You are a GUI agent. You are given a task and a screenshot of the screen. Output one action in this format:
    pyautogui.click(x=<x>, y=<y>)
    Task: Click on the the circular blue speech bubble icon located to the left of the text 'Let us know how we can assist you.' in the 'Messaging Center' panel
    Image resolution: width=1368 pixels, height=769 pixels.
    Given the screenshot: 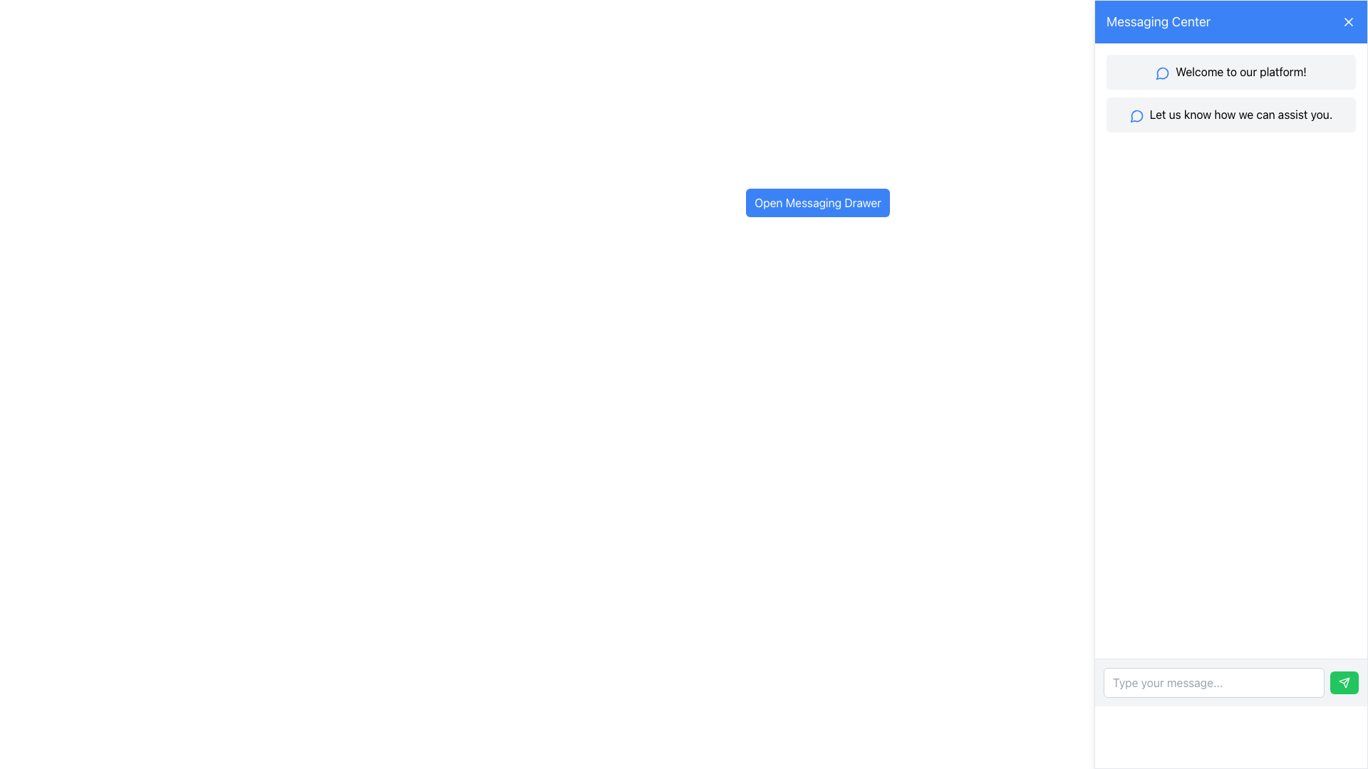 What is the action you would take?
    pyautogui.click(x=1136, y=115)
    